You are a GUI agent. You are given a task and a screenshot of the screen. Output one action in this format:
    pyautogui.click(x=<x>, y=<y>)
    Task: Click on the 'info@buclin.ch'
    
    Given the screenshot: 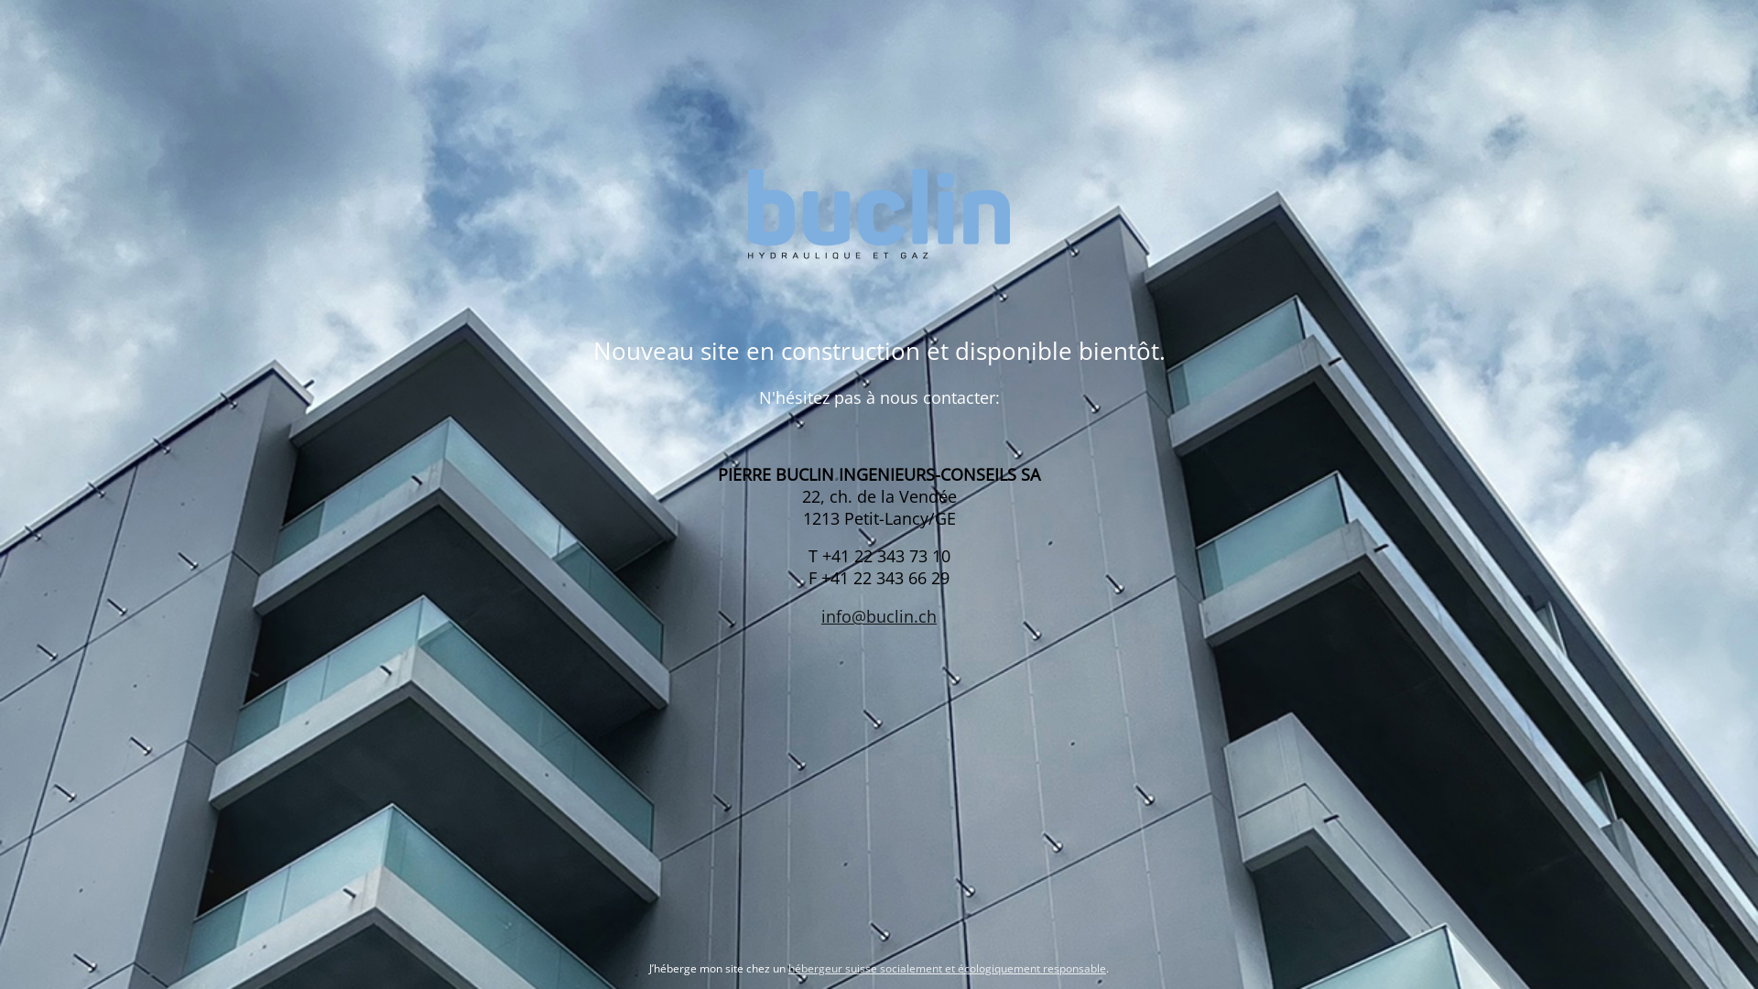 What is the action you would take?
    pyautogui.click(x=879, y=615)
    